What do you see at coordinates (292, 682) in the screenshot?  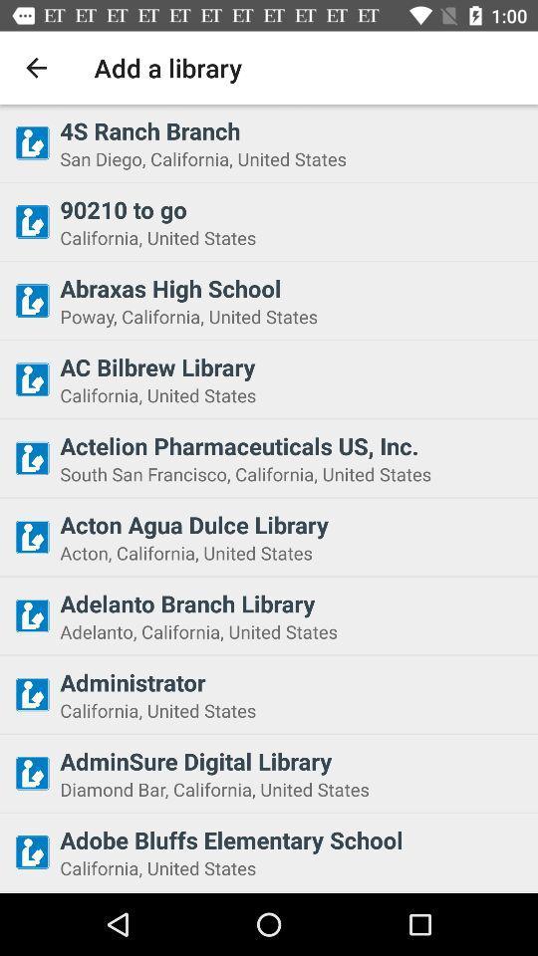 I see `icon below the adelanto california united item` at bounding box center [292, 682].